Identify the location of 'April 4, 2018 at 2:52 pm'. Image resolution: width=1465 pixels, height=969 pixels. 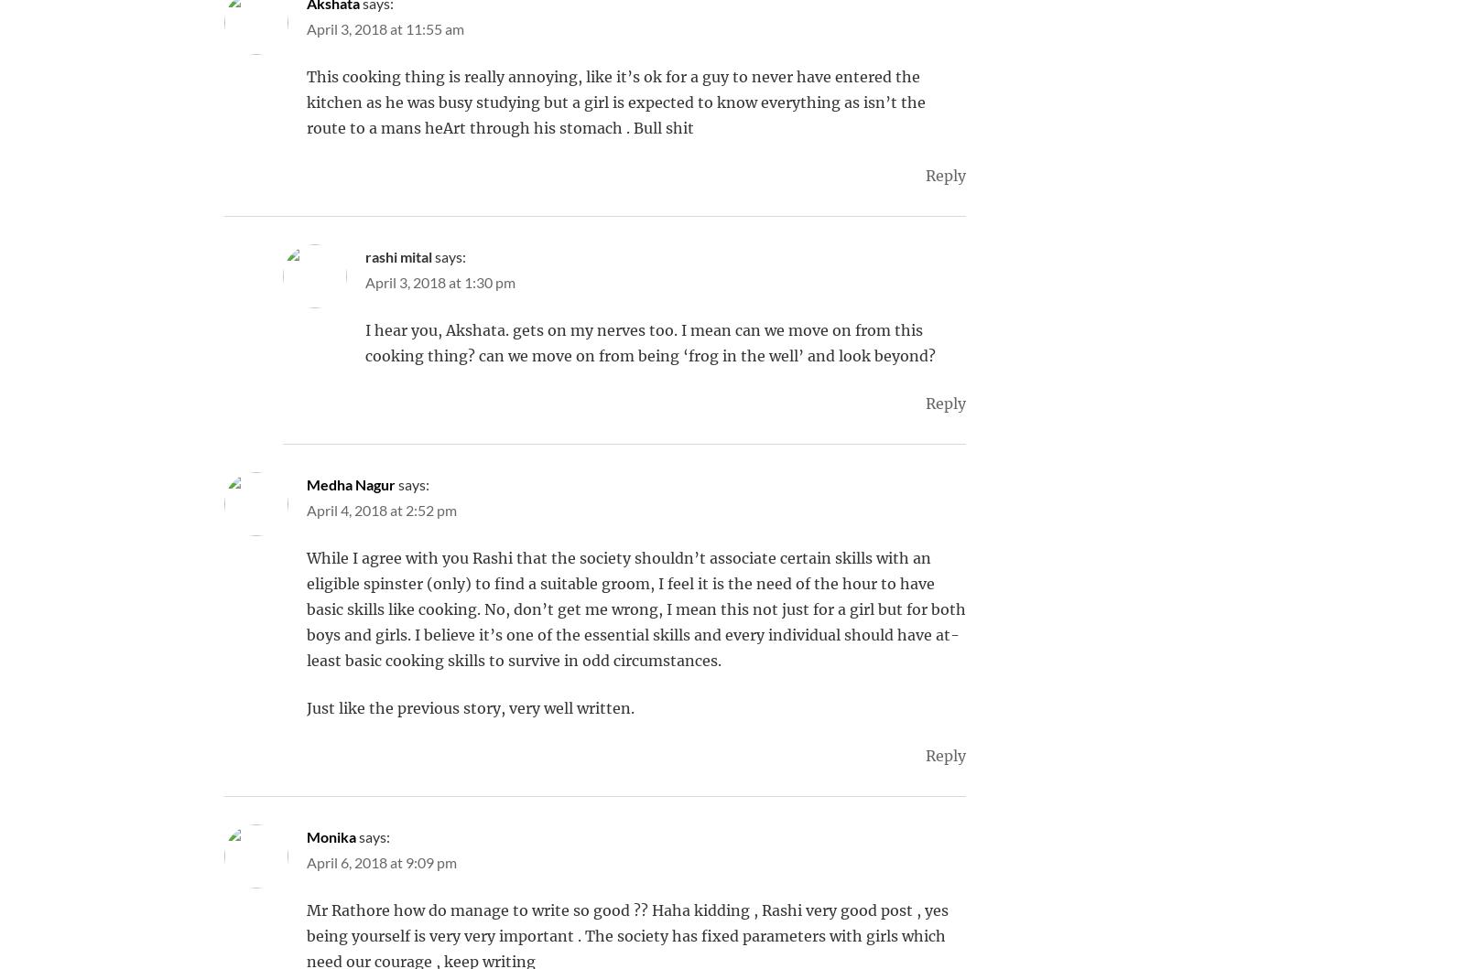
(380, 509).